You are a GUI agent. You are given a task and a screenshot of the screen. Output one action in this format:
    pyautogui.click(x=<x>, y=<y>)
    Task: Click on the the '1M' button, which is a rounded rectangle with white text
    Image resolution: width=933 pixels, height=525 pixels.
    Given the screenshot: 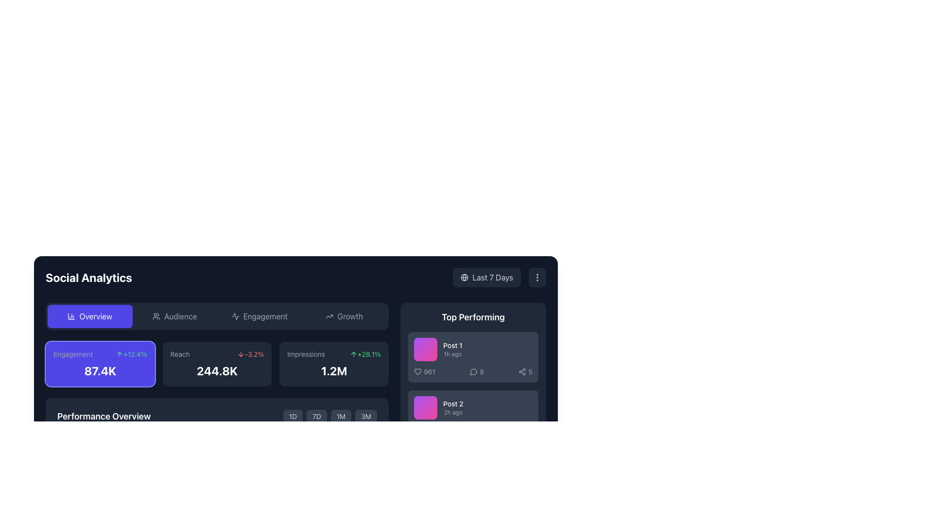 What is the action you would take?
    pyautogui.click(x=330, y=416)
    